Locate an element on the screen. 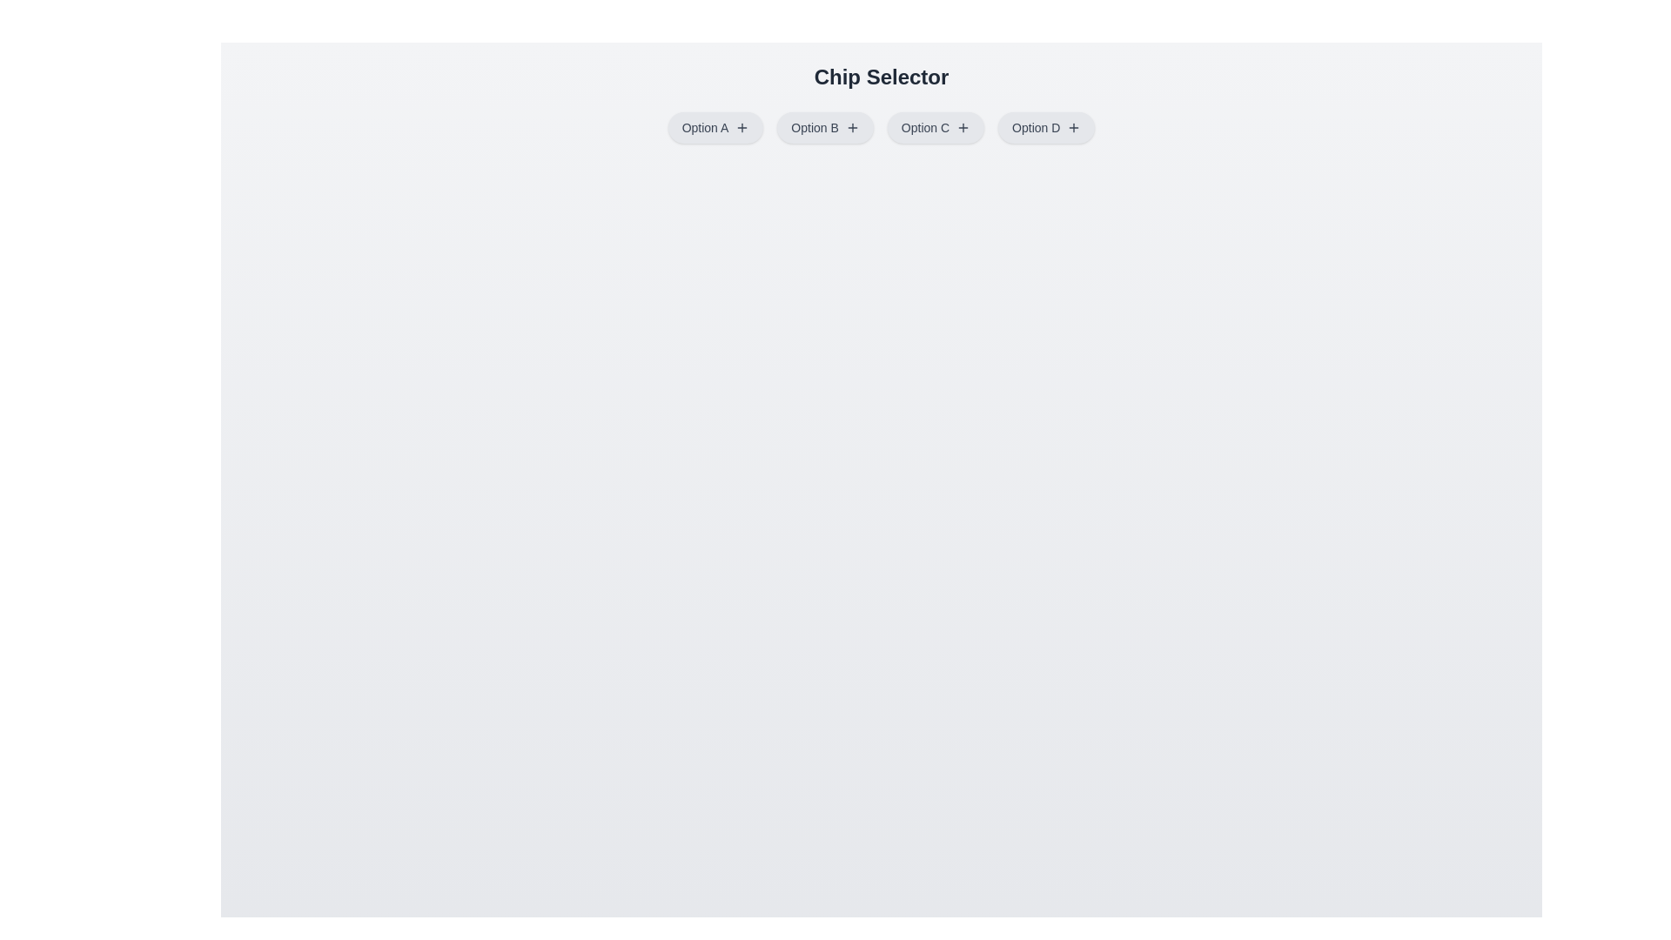 The image size is (1671, 940). the chip labeled Option A is located at coordinates (715, 126).